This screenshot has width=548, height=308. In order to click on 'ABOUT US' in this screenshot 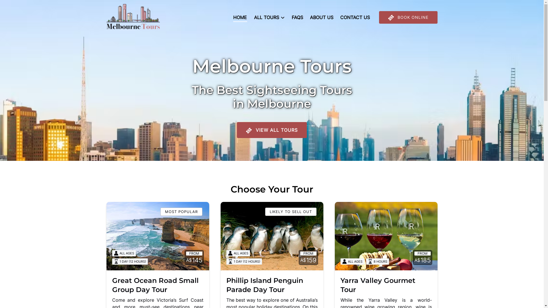, I will do `click(322, 17)`.